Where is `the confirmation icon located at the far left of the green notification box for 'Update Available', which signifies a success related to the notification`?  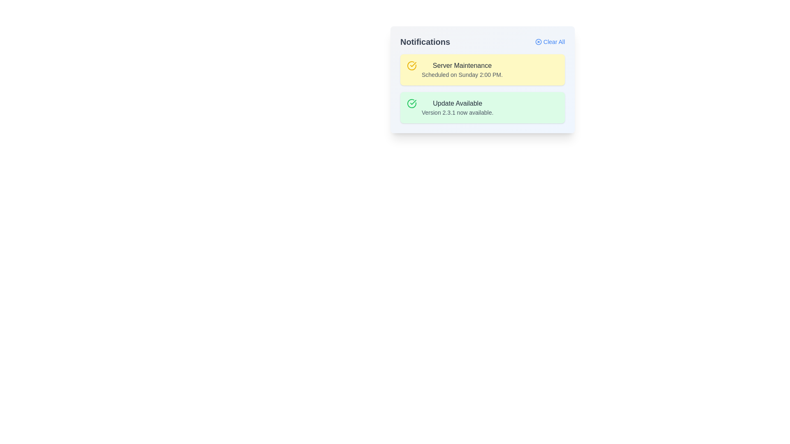
the confirmation icon located at the far left of the green notification box for 'Update Available', which signifies a success related to the notification is located at coordinates (412, 103).